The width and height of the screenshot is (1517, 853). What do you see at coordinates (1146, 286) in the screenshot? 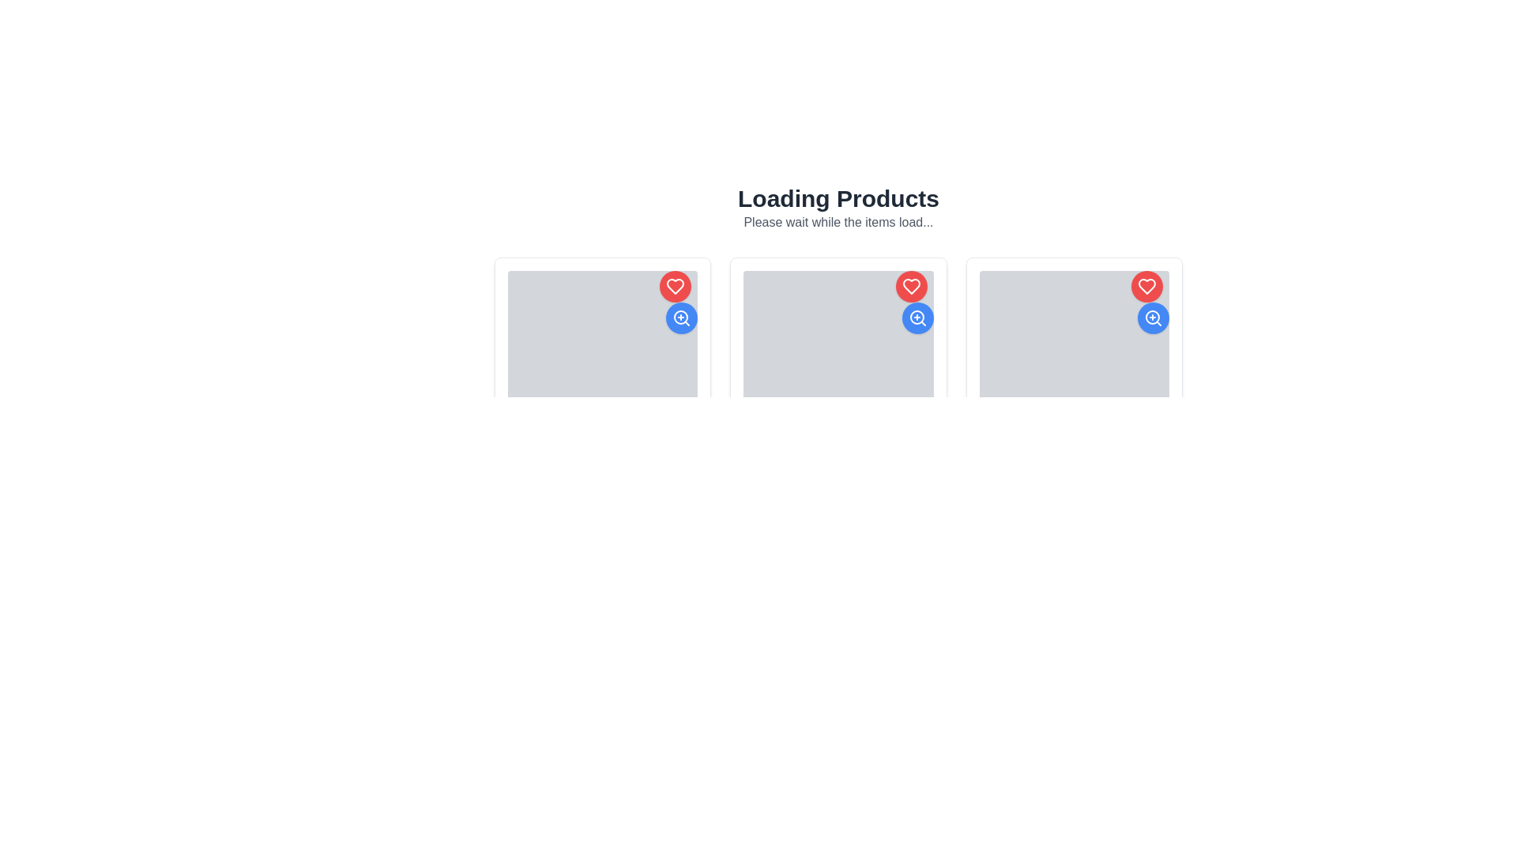
I see `the heart-shaped icon button located at the top-right corner of the leftmost product card` at bounding box center [1146, 286].